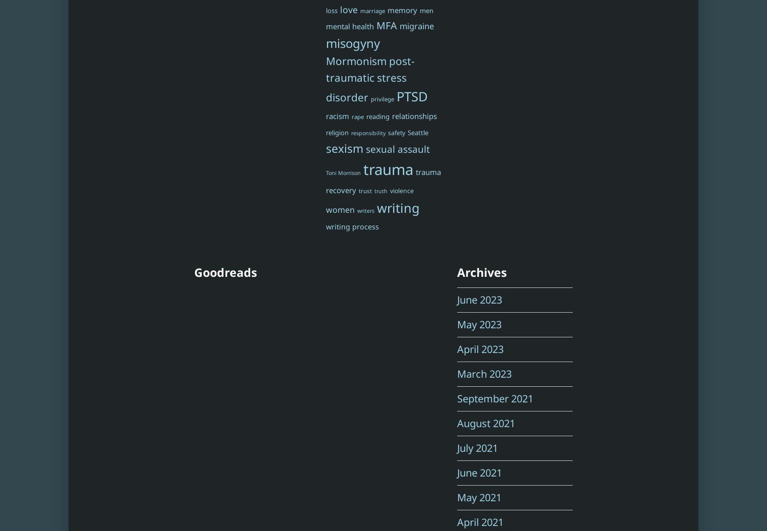 The image size is (767, 531). I want to click on 'PTSD', so click(411, 95).